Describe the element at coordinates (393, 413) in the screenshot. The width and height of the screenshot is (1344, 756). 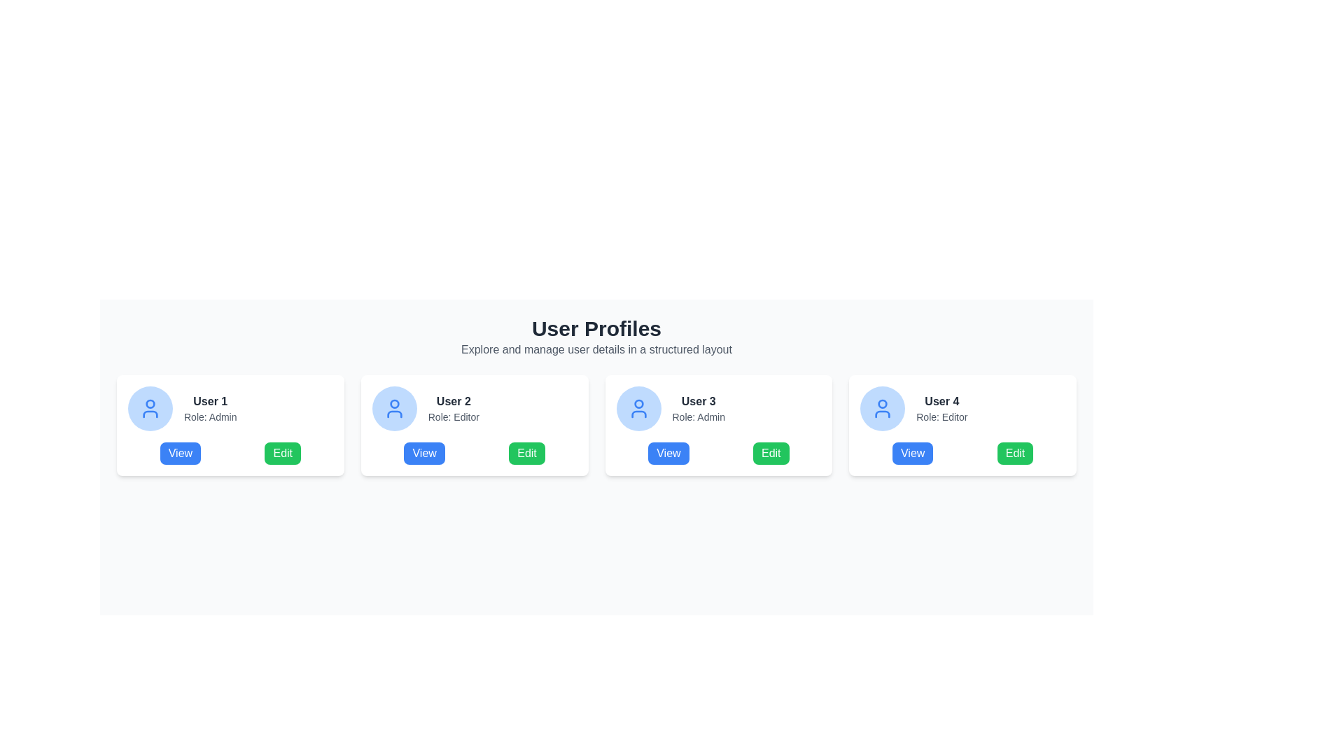
I see `the body segment of the user icon representing 'User 2', located at the top-left corner of the card` at that location.